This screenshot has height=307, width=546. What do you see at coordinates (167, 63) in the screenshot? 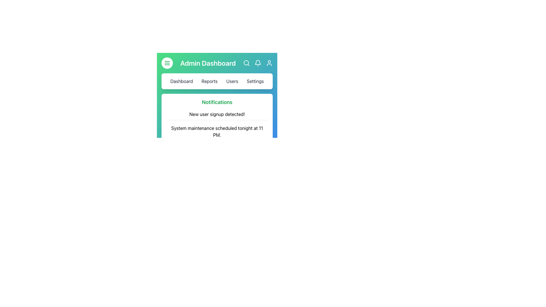
I see `the circular button with a white background and green border that contains a green menu icon, located to the left of 'Admin Dashboard'` at bounding box center [167, 63].